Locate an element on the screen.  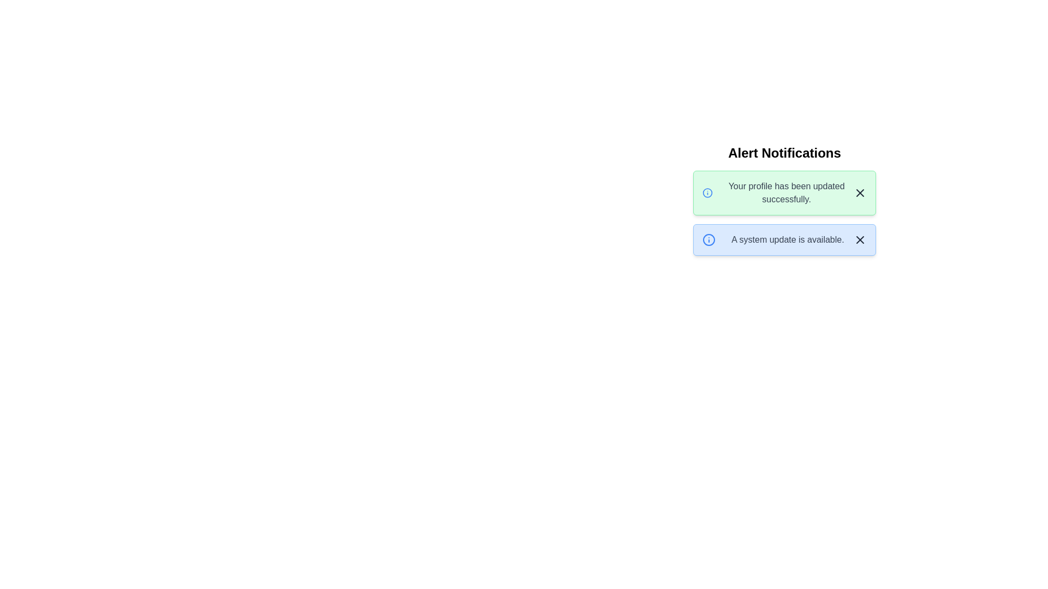
the close/cancel icon button, which is a small 'X' graphic located at the top-right corner of the green notification box labeled 'Your profile has been updated successfully.' is located at coordinates (859, 193).